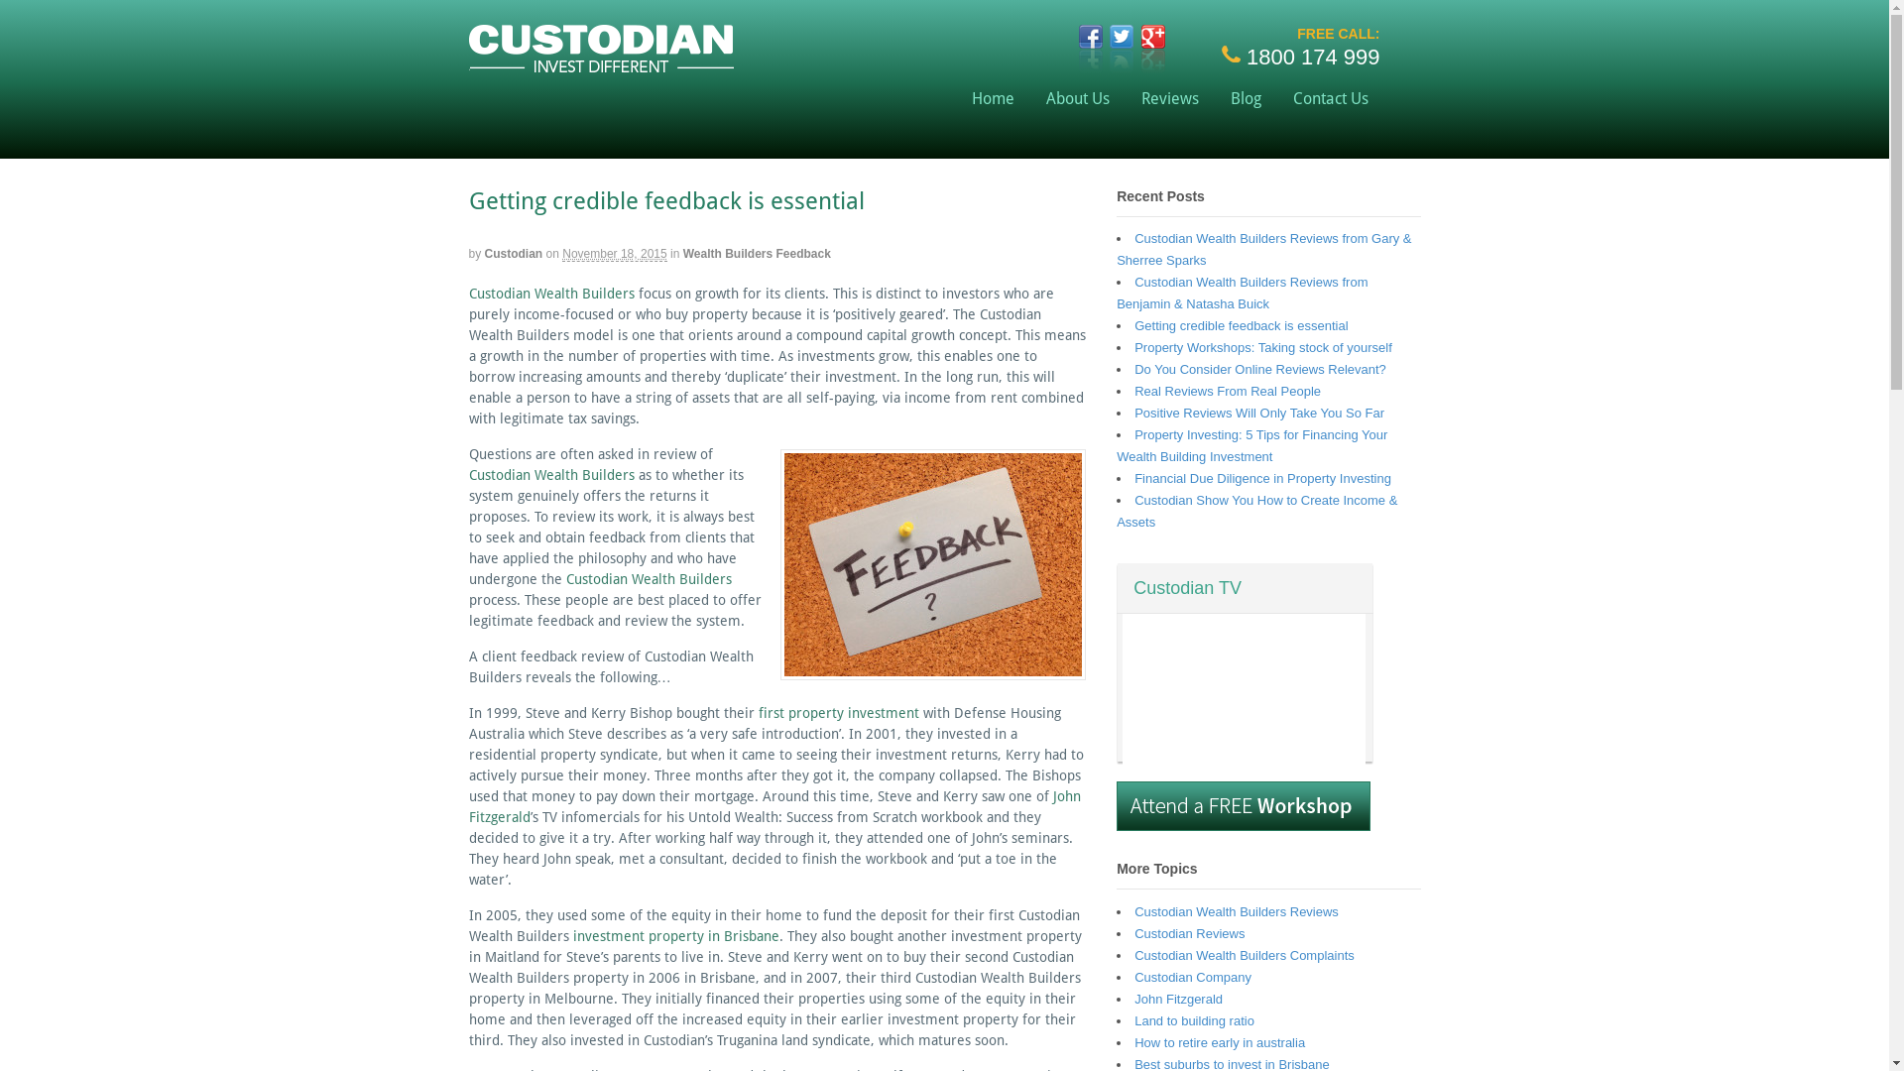 The width and height of the screenshot is (1904, 1071). I want to click on 'Real Reviews From Real People', so click(1227, 391).